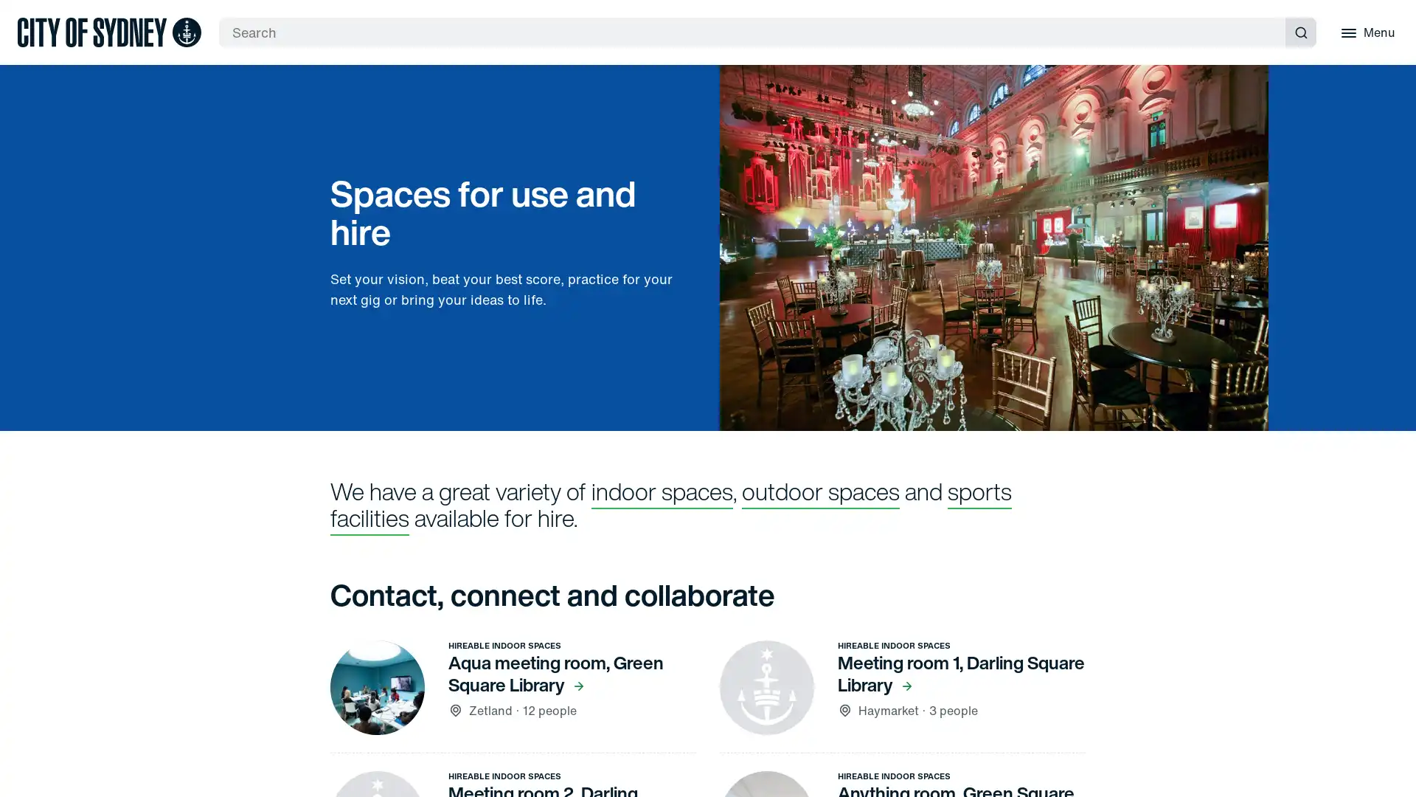 The image size is (1416, 797). Describe the element at coordinates (1400, 398) in the screenshot. I see `Ask us` at that location.